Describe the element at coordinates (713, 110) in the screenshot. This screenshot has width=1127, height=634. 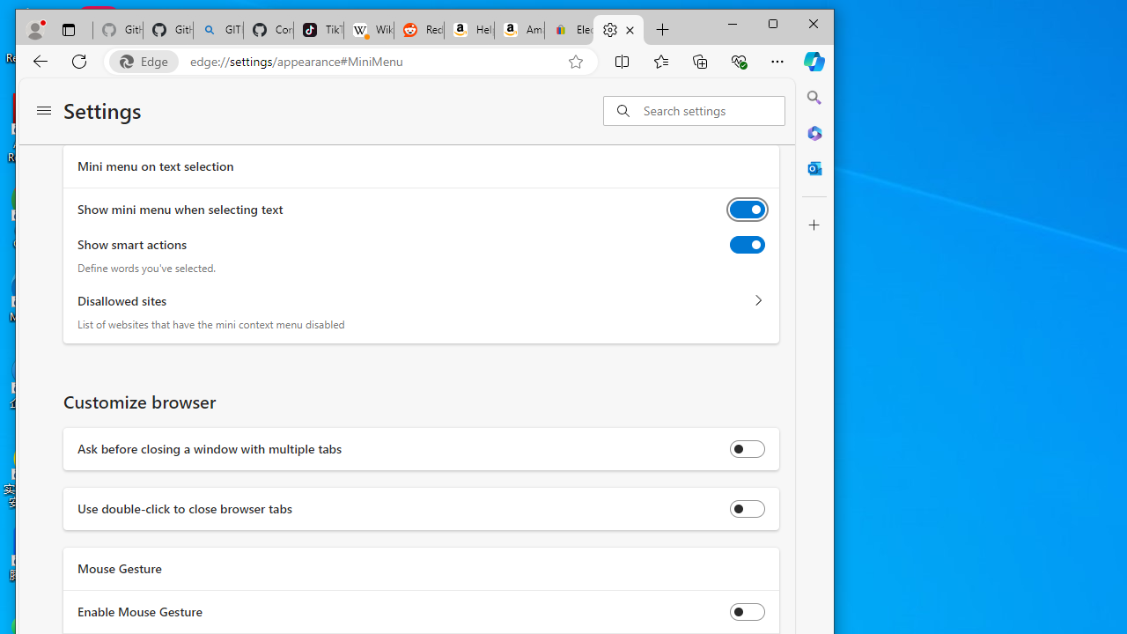
I see `'Search settings'` at that location.